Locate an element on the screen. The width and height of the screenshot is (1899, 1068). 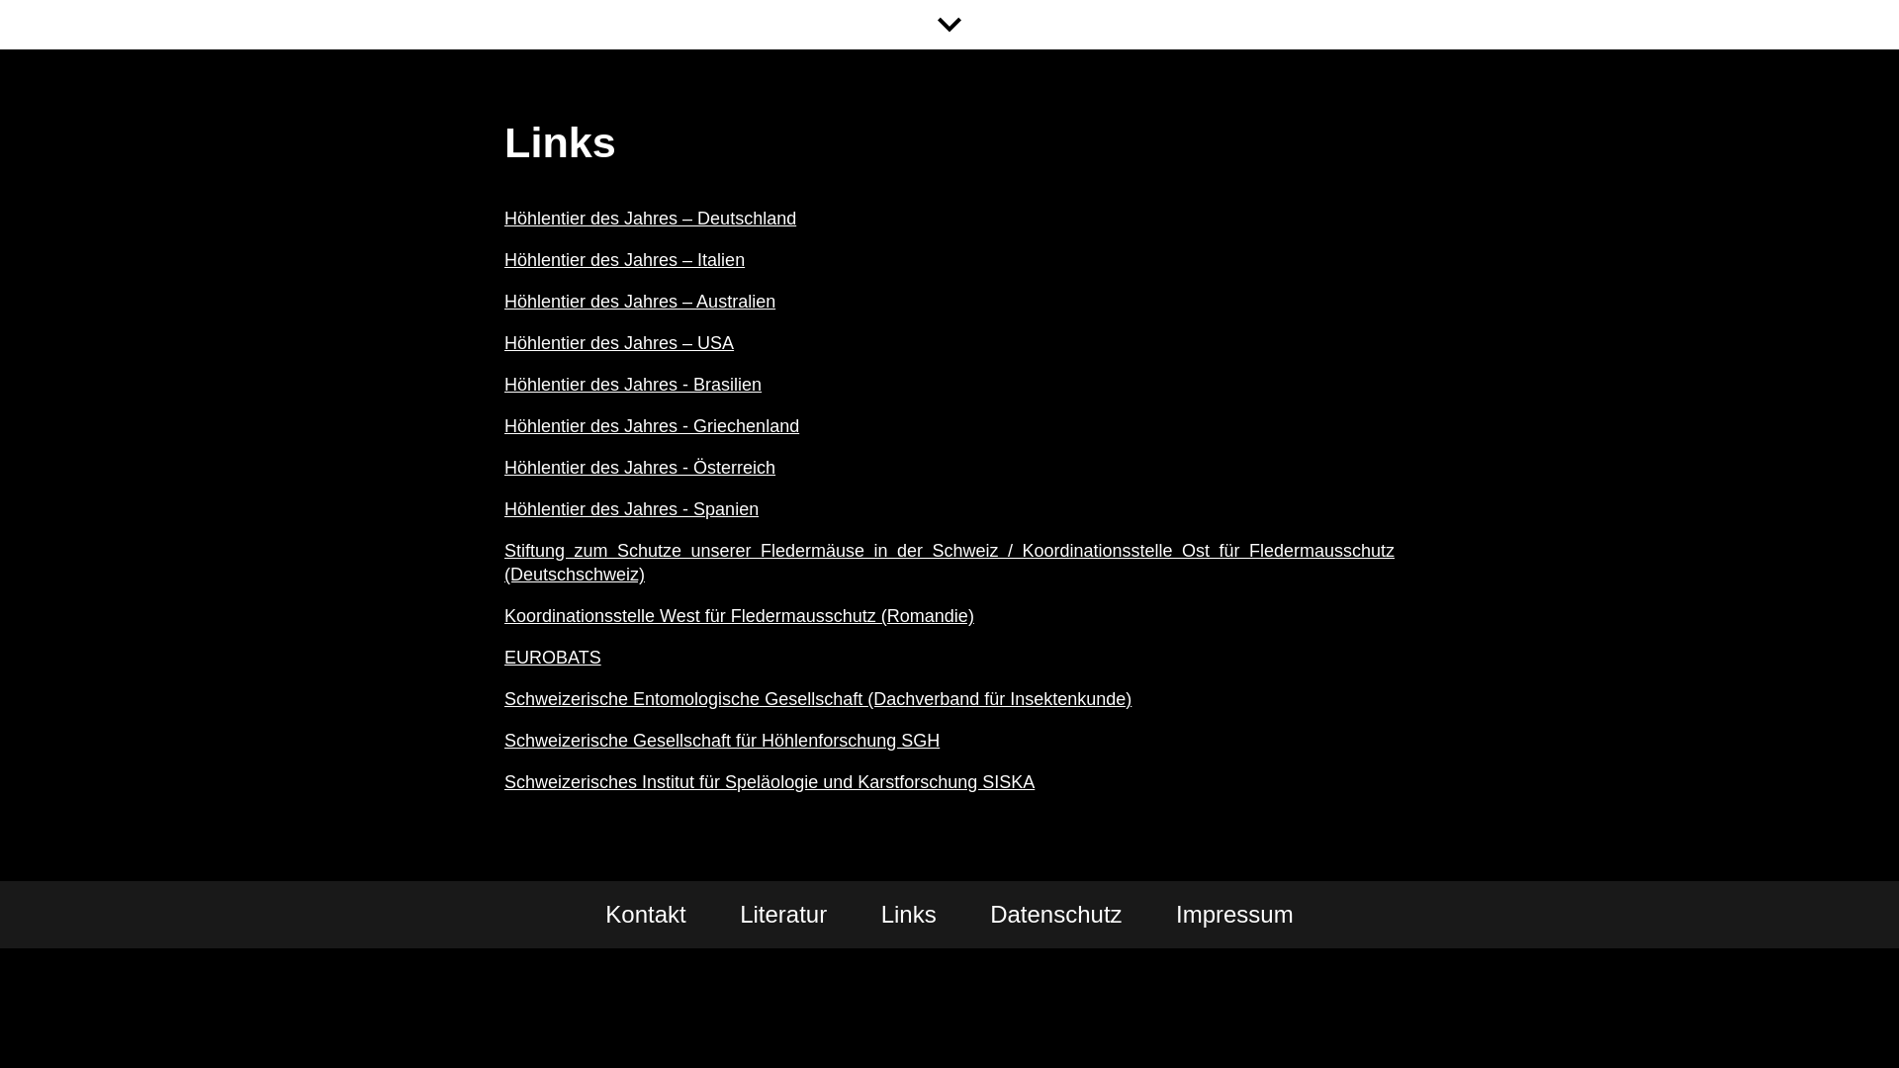
'Literatur' is located at coordinates (782, 915).